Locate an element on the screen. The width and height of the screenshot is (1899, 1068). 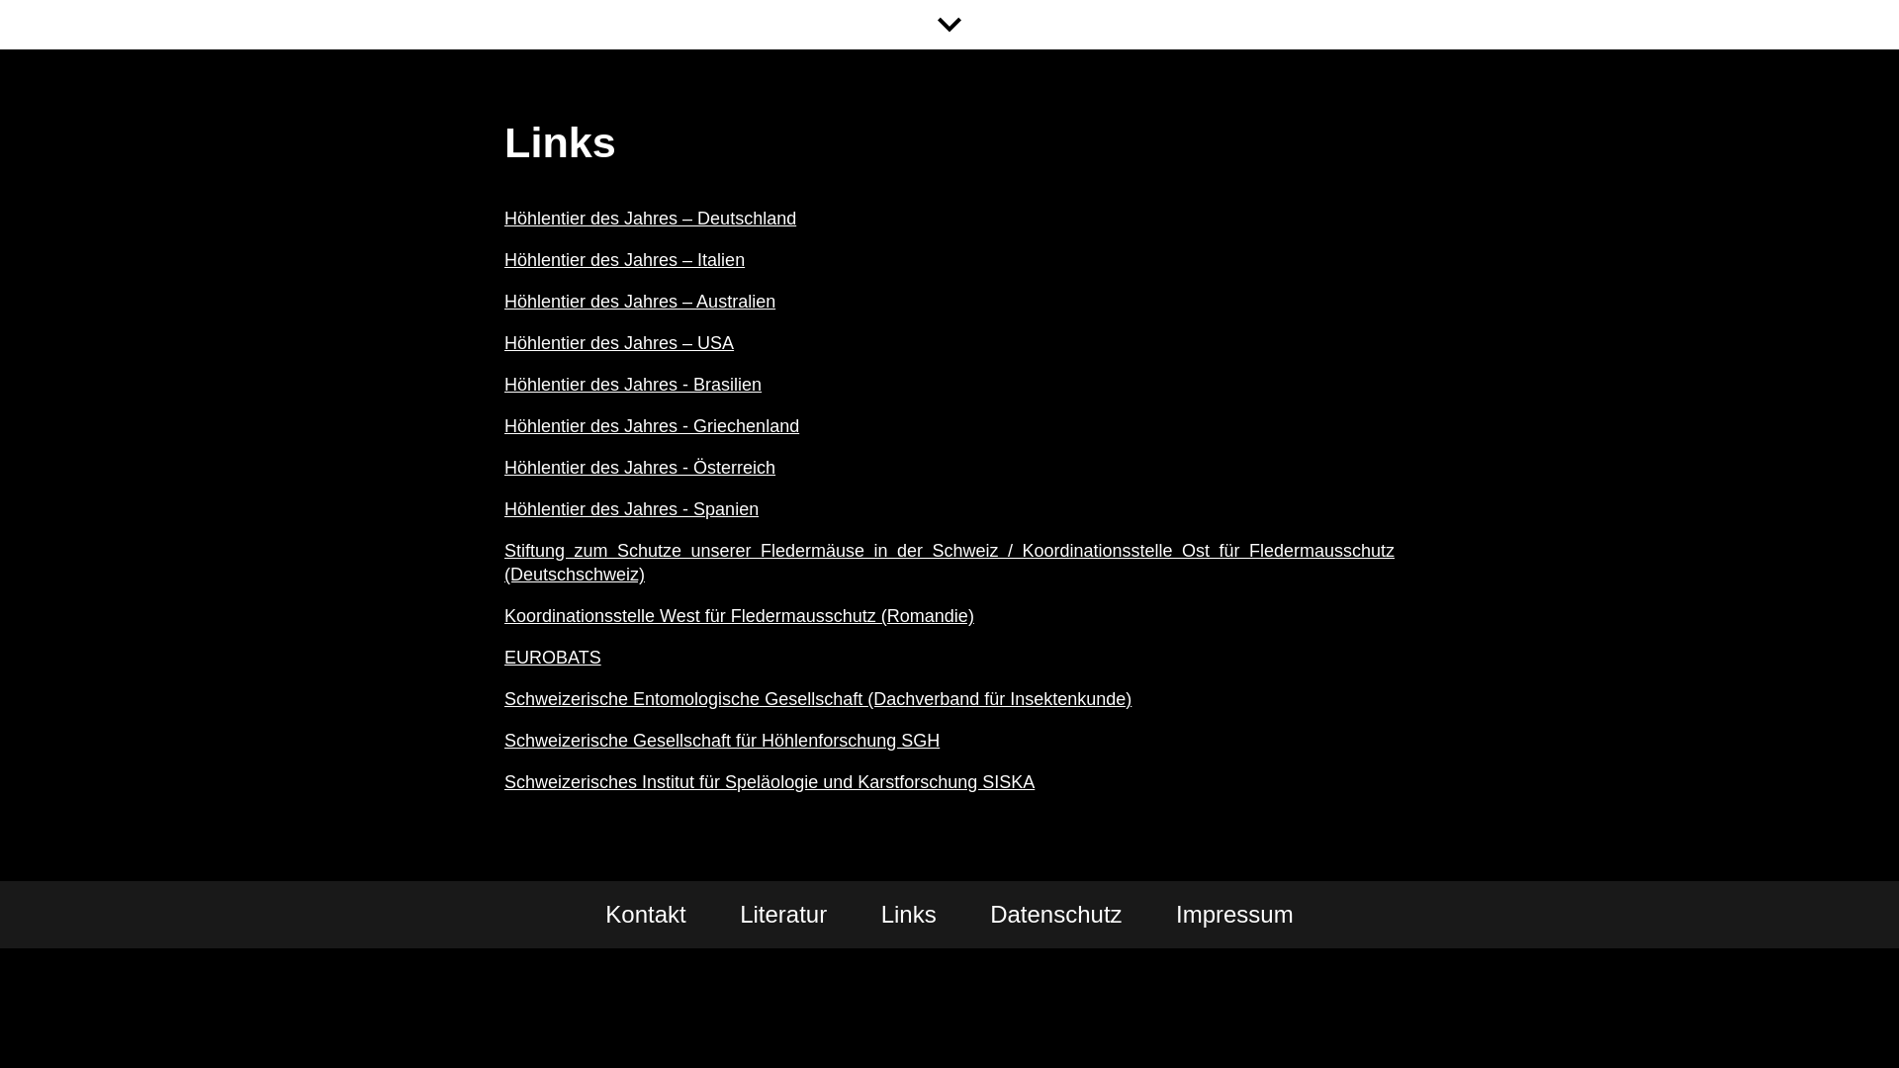
'Literatur' is located at coordinates (782, 915).